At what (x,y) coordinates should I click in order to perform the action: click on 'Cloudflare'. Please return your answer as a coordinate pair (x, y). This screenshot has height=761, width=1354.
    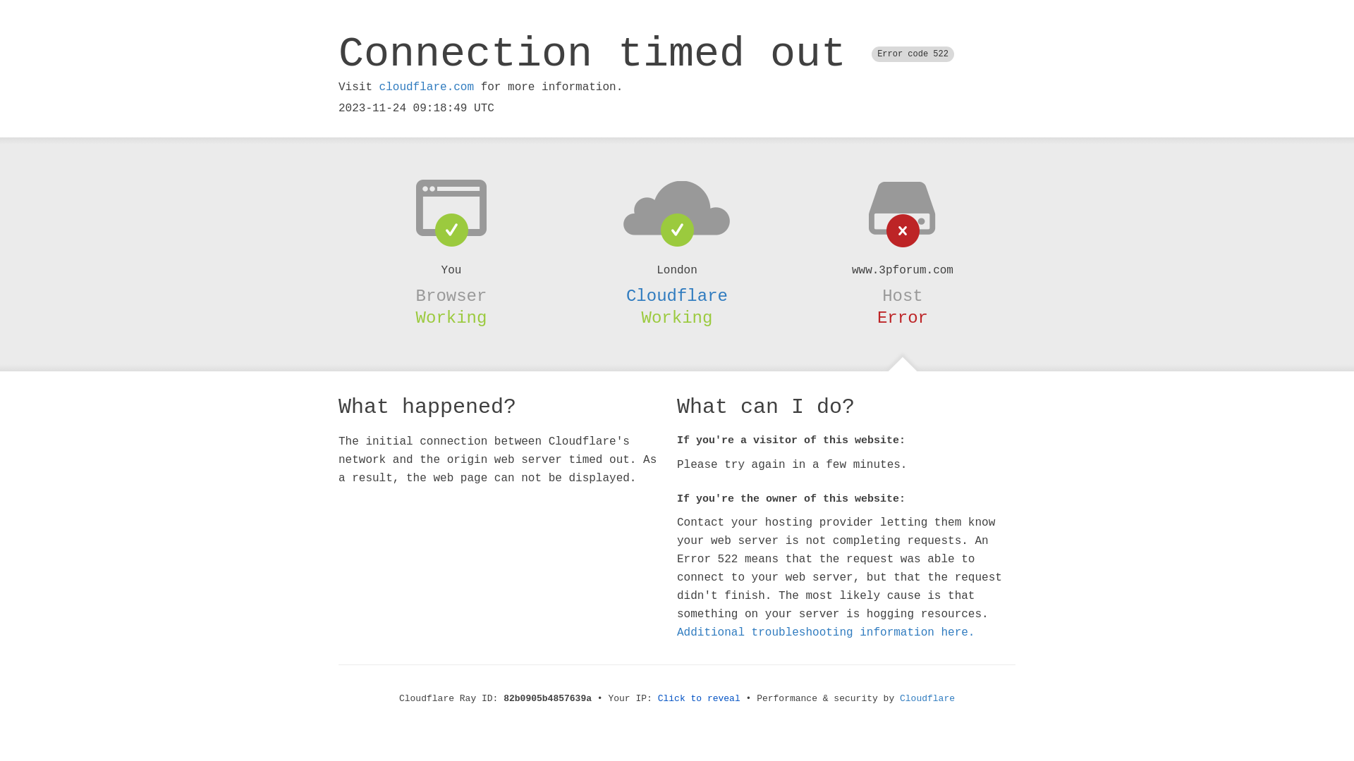
    Looking at the image, I should click on (677, 295).